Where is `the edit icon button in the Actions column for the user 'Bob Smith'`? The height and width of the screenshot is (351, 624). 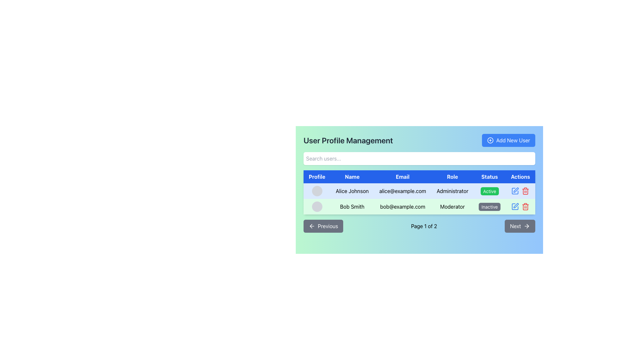 the edit icon button in the Actions column for the user 'Bob Smith' is located at coordinates (516, 205).